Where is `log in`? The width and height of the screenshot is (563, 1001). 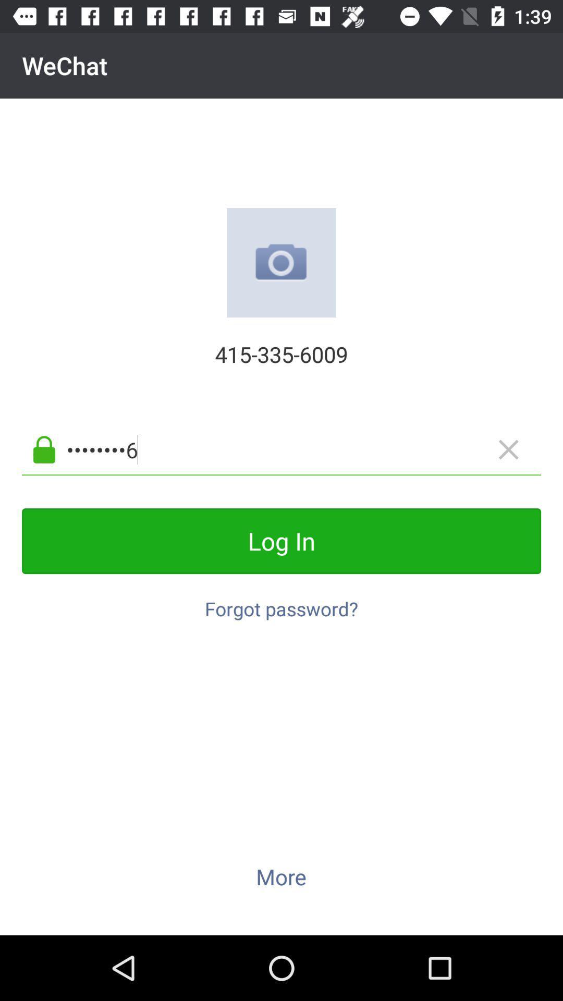
log in is located at coordinates (281, 541).